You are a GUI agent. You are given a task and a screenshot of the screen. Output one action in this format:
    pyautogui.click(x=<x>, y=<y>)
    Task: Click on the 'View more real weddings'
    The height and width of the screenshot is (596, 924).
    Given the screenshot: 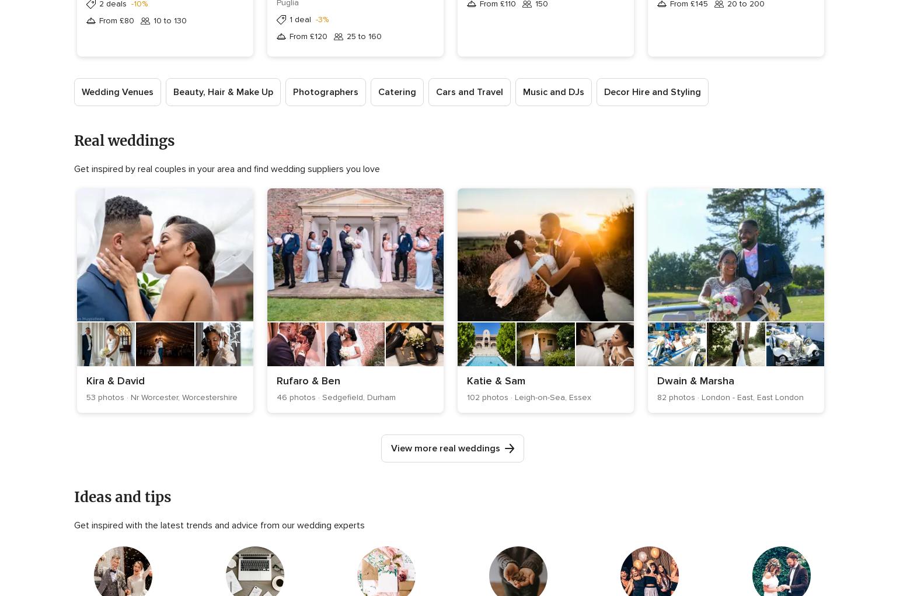 What is the action you would take?
    pyautogui.click(x=445, y=448)
    